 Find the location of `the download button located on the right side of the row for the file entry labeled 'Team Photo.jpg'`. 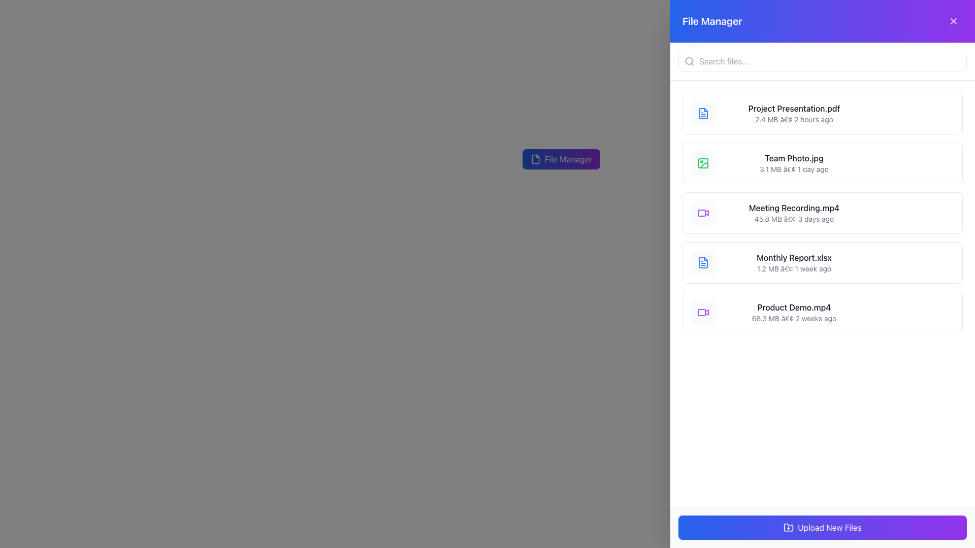

the download button located on the right side of the row for the file entry labeled 'Team Photo.jpg' is located at coordinates (902, 162).